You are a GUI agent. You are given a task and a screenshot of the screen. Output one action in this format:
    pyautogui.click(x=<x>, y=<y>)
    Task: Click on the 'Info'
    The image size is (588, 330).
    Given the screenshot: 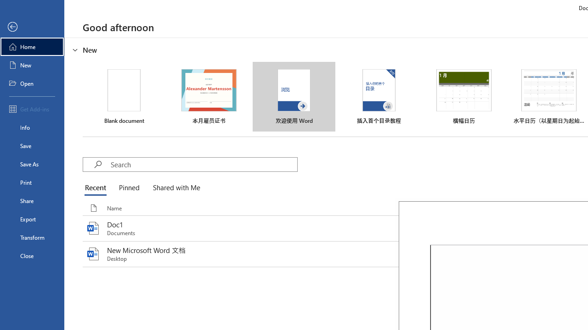 What is the action you would take?
    pyautogui.click(x=32, y=127)
    